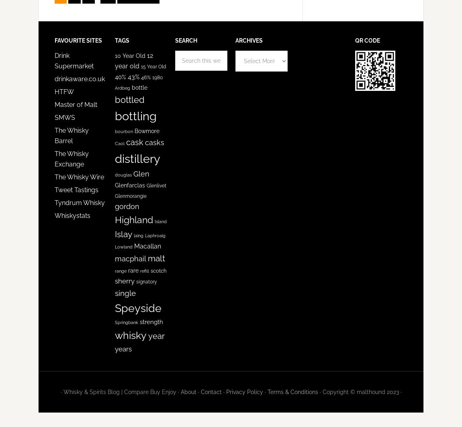 This screenshot has width=462, height=427. What do you see at coordinates (63, 92) in the screenshot?
I see `'HTFW'` at bounding box center [63, 92].